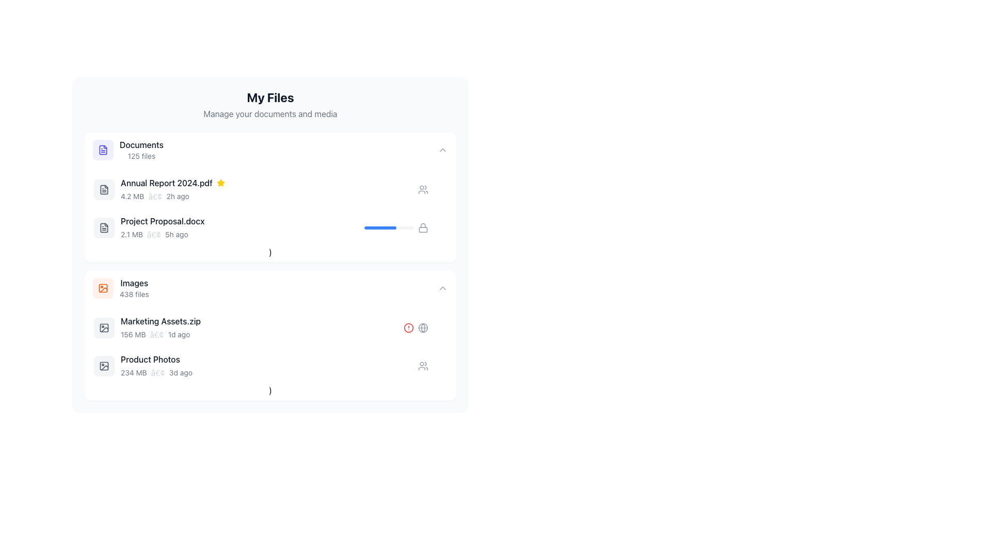  I want to click on the label that indicates the 'Images' folder, which is located in the second row of the file list, to the right of the folder icon, so click(134, 288).